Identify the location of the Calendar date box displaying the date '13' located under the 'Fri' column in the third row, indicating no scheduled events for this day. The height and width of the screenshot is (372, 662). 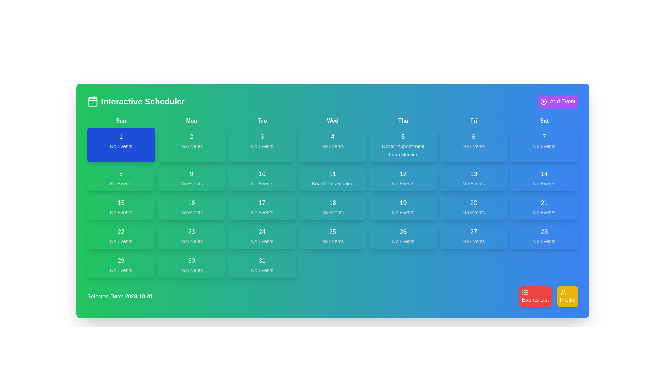
(473, 177).